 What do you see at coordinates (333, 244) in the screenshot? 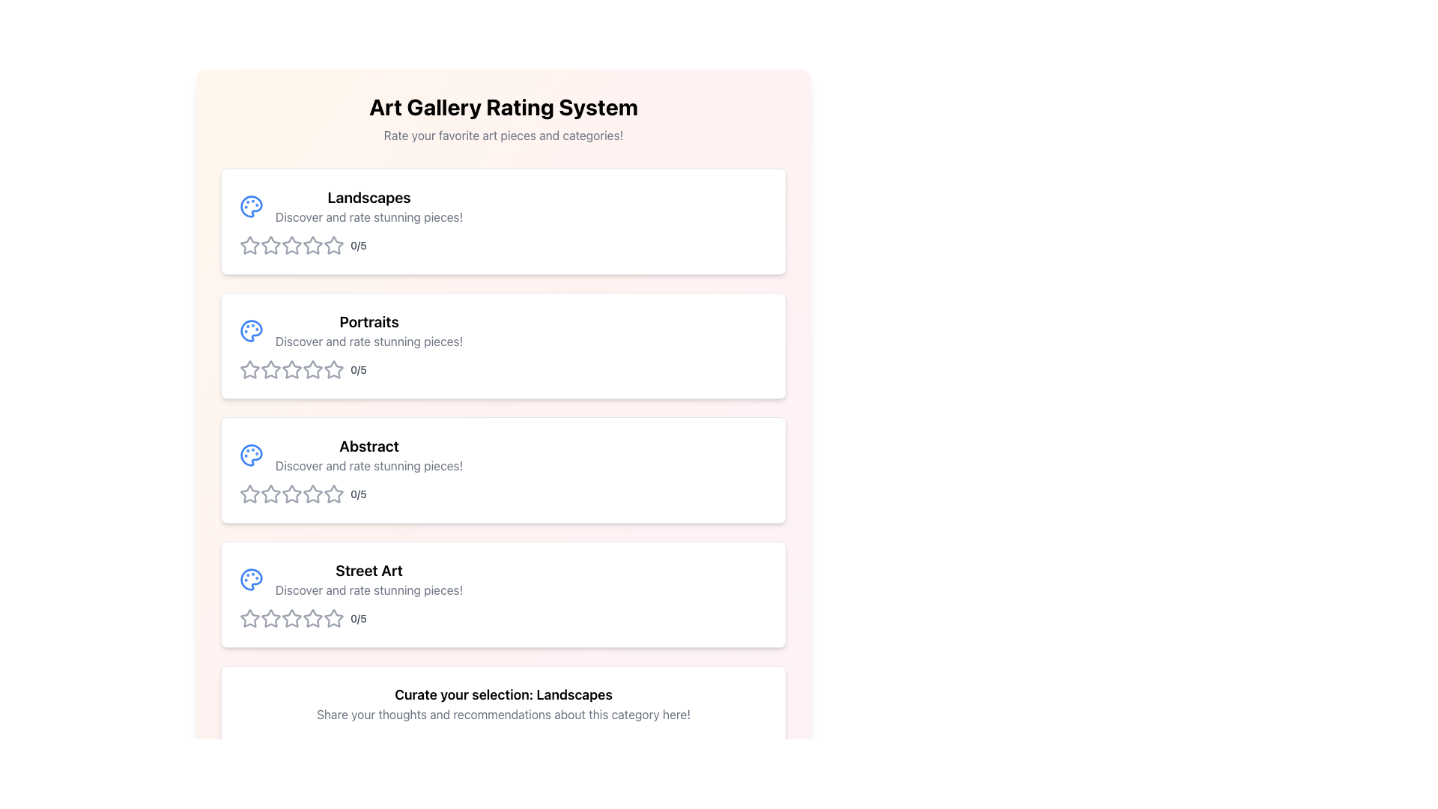
I see `the second rating star in the Landscapes section` at bounding box center [333, 244].